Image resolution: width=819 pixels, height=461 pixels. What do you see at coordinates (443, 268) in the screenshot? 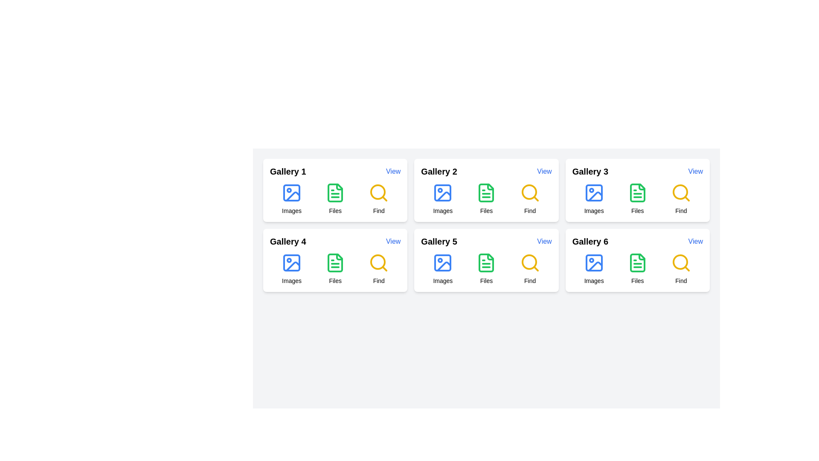
I see `the 'Images' icon located in the bottom-right quadrant of the grid layout` at bounding box center [443, 268].